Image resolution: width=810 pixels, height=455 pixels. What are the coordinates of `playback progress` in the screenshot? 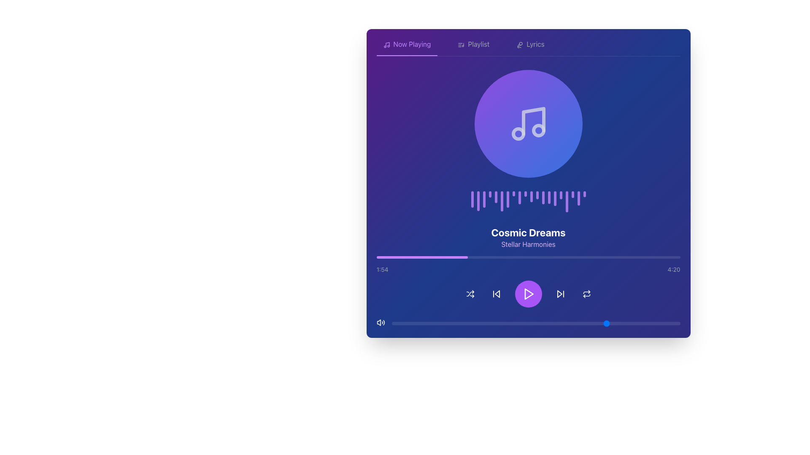 It's located at (408, 257).